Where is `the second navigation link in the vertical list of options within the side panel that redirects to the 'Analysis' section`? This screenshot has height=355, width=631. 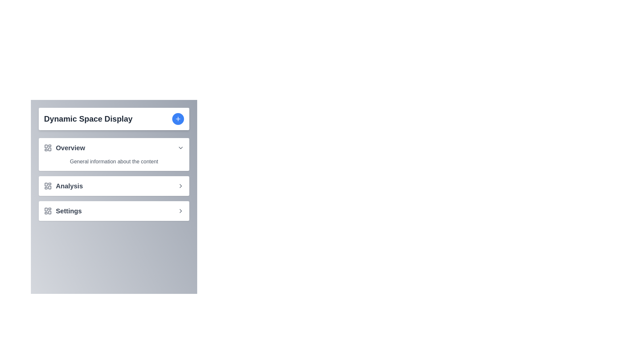 the second navigation link in the vertical list of options within the side panel that redirects to the 'Analysis' section is located at coordinates (114, 186).